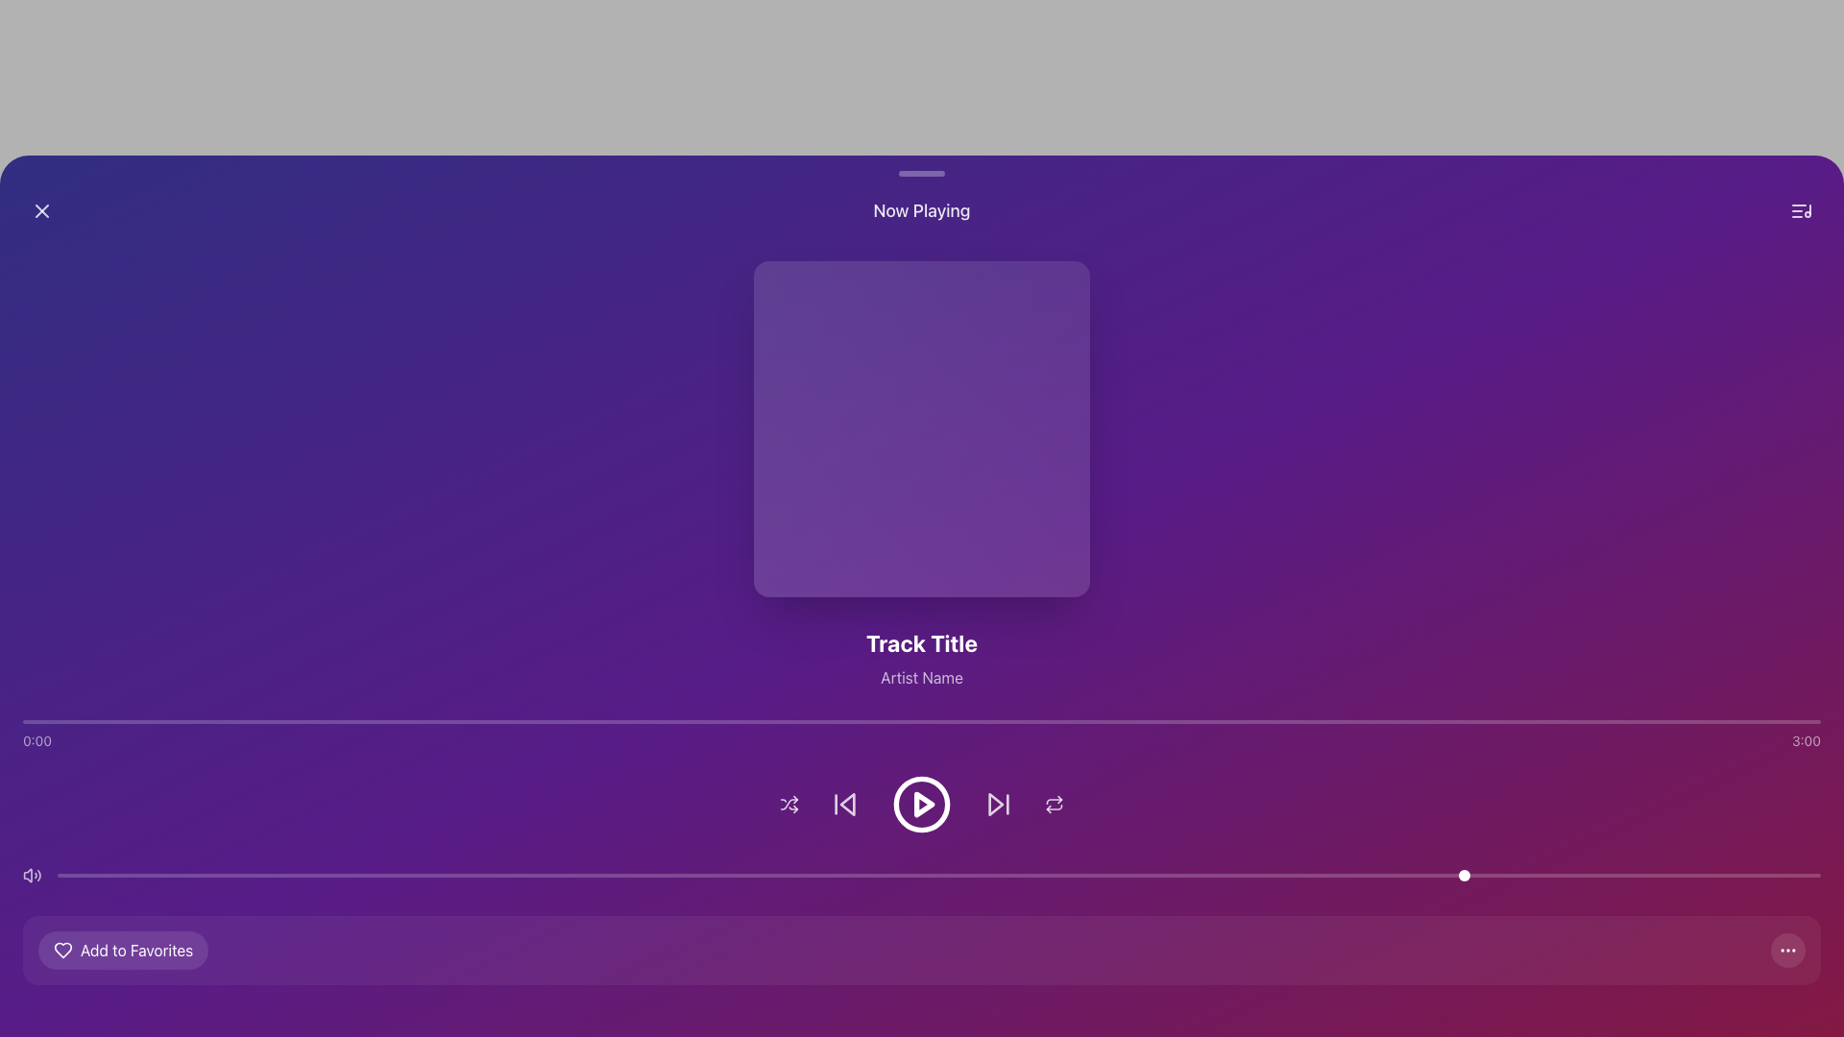  What do you see at coordinates (924, 804) in the screenshot?
I see `the decorative play button icon, which is a small triangular shape pointing to the right, located centrally within the circular play button` at bounding box center [924, 804].